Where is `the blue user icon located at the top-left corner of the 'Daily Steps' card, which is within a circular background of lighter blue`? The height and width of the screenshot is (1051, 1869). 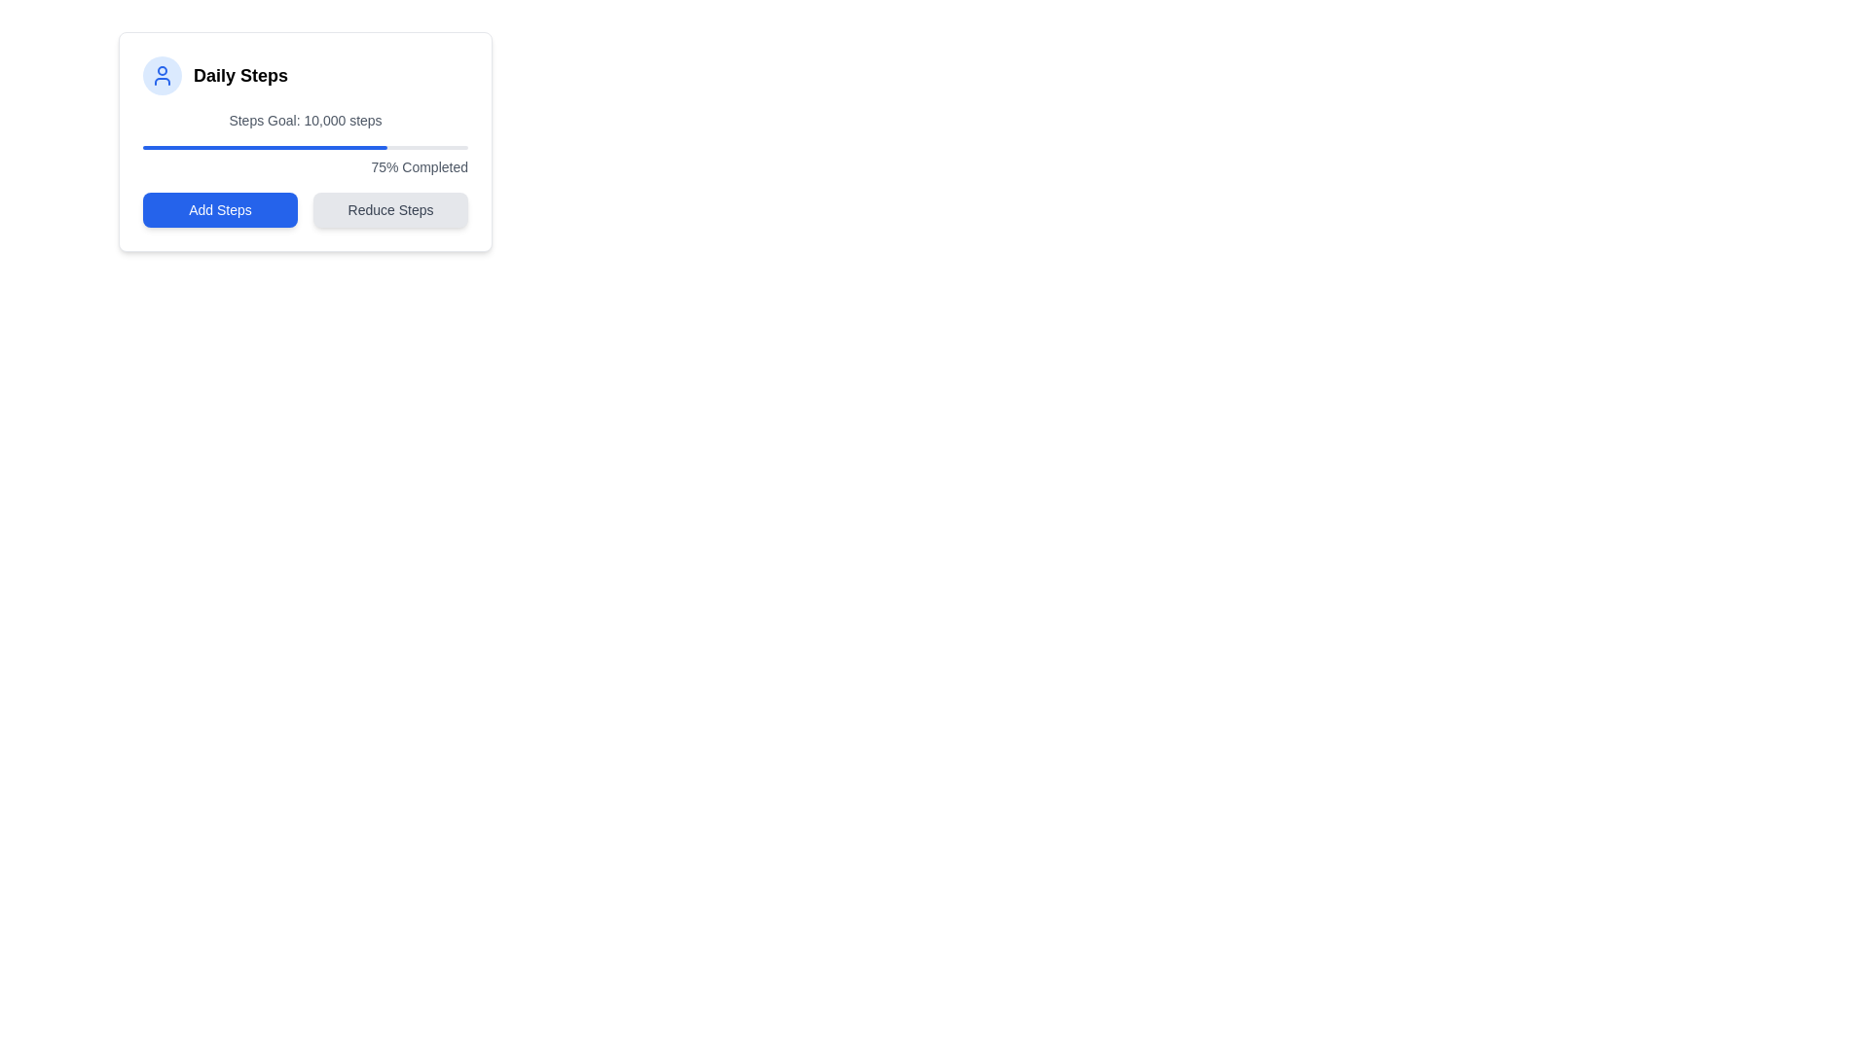 the blue user icon located at the top-left corner of the 'Daily Steps' card, which is within a circular background of lighter blue is located at coordinates (163, 74).